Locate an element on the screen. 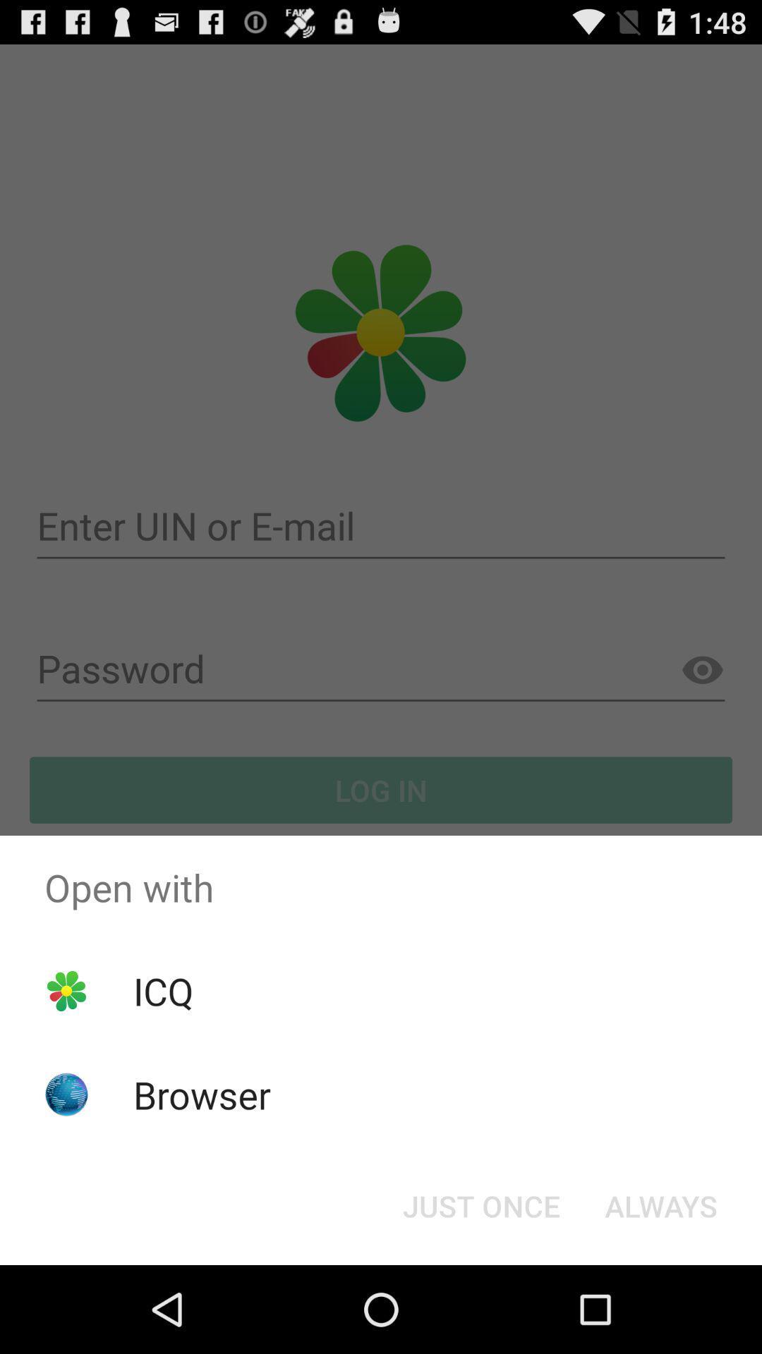  item at the bottom right corner is located at coordinates (661, 1204).